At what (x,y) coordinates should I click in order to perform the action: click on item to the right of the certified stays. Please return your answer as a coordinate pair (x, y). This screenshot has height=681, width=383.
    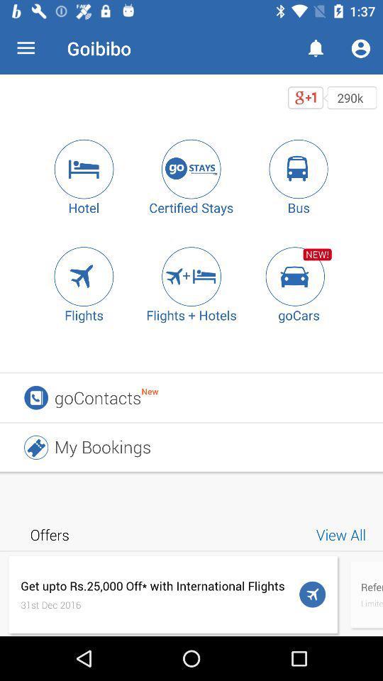
    Looking at the image, I should click on (298, 169).